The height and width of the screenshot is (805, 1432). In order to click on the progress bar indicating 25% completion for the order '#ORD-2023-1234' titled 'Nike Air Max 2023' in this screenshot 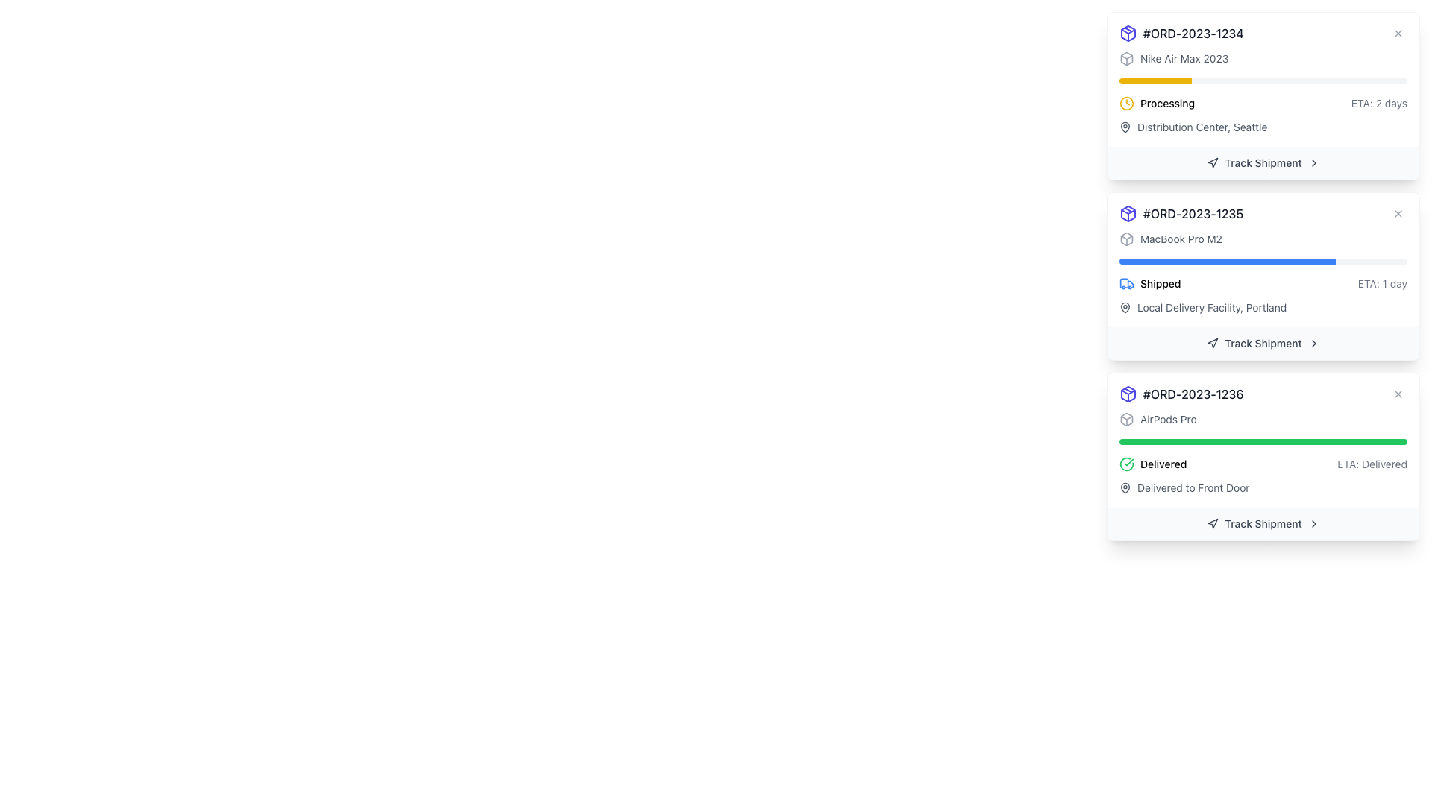, I will do `click(1263, 80)`.